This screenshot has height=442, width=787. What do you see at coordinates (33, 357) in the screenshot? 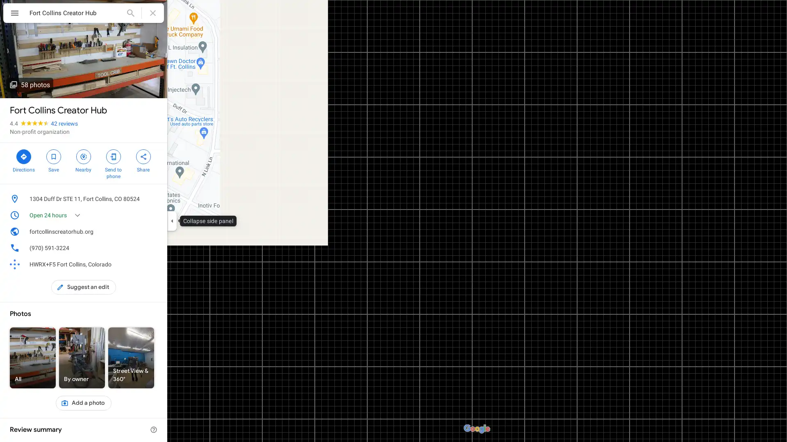
I see `All` at bounding box center [33, 357].